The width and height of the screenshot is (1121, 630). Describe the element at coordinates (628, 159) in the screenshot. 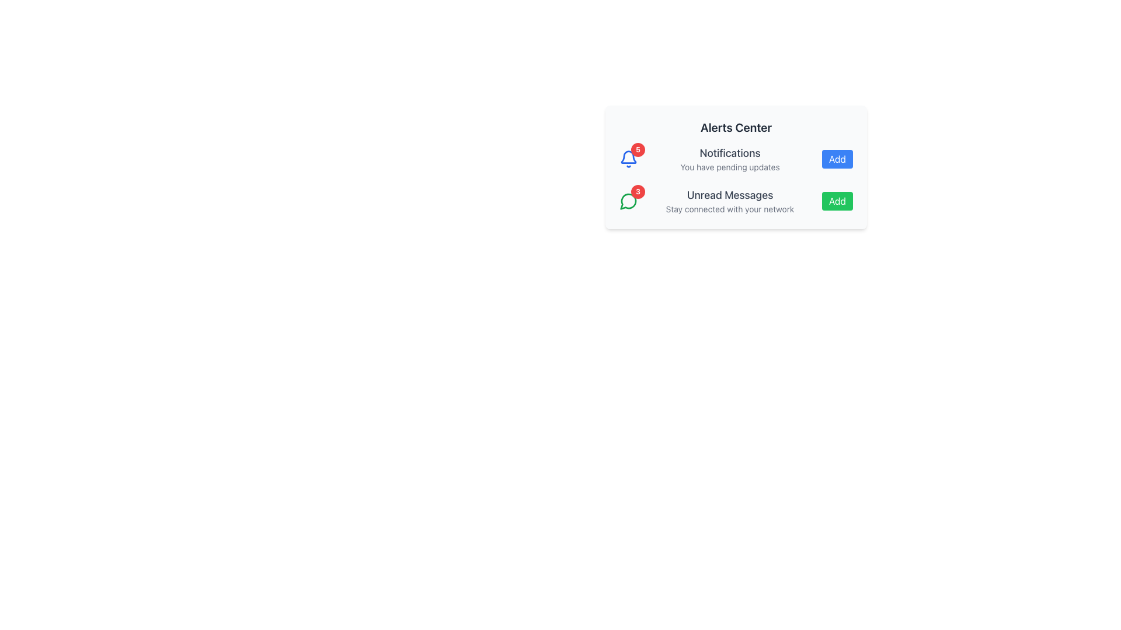

I see `the Notification Icon with Badge located on the leftmost side of the 'Notifications' section, which indicates unread or pending updates` at that location.